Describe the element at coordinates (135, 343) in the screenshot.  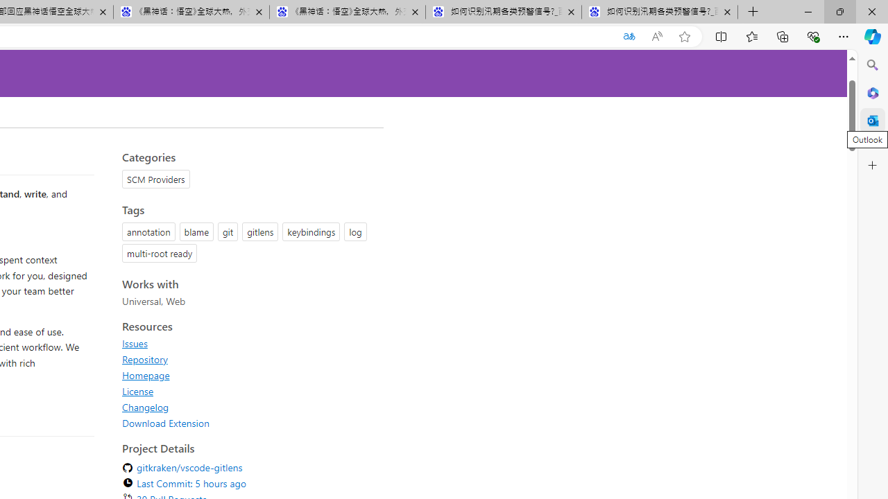
I see `'Issues'` at that location.